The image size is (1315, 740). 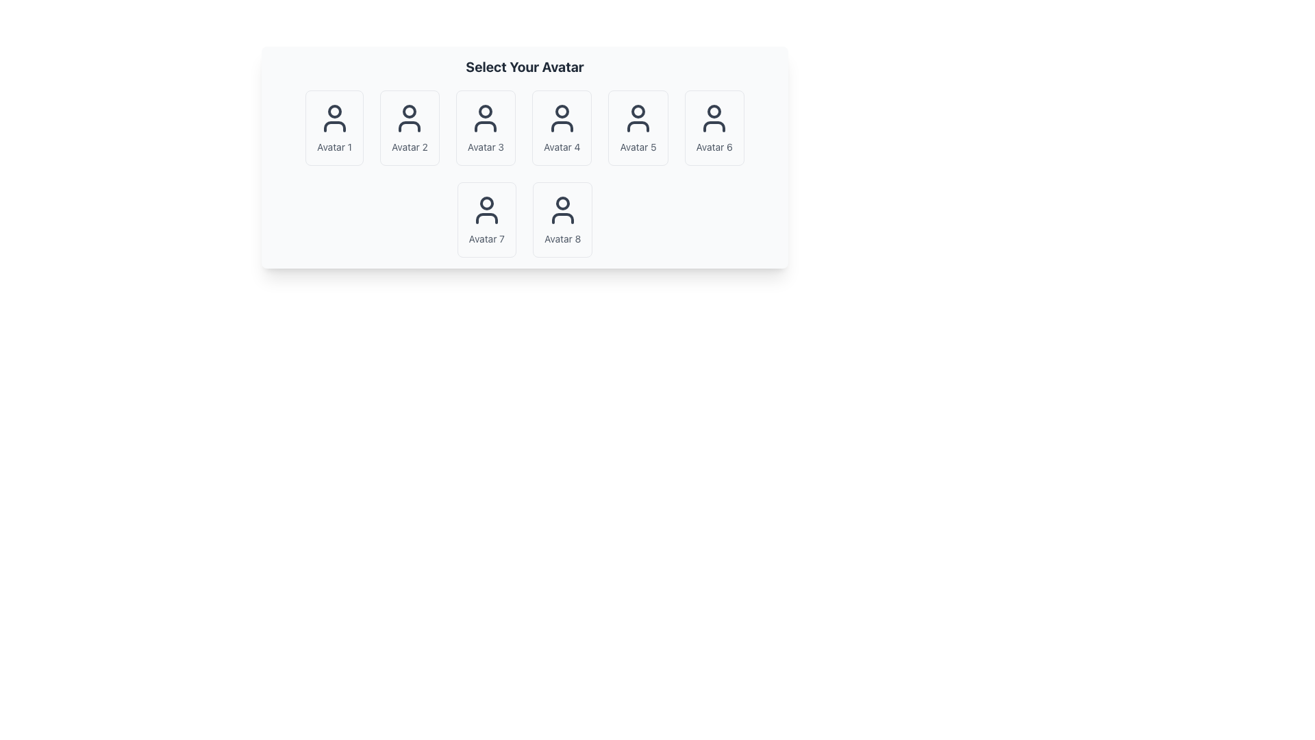 I want to click on the small circular shape representing a head within the 'Avatar 7' user icon, which is the second icon from the left in the lower row of selectable user icons, so click(x=486, y=203).